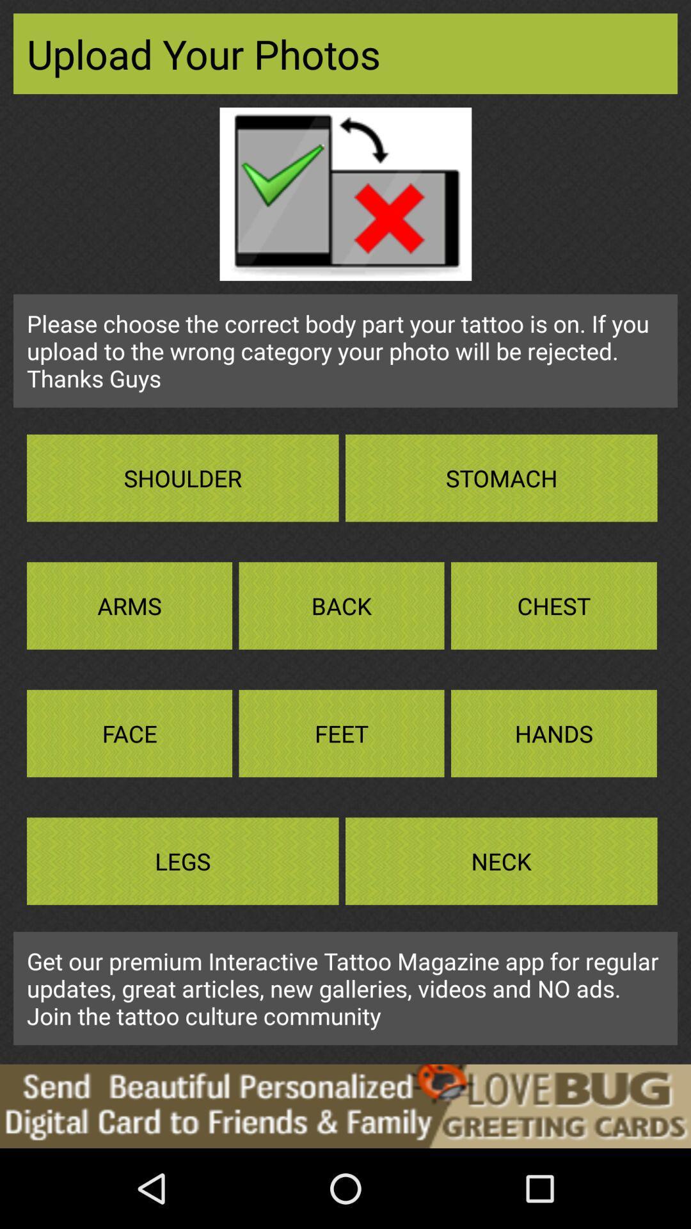 The image size is (691, 1229). Describe the element at coordinates (500, 861) in the screenshot. I see `the text shown at the bottom after legs` at that location.